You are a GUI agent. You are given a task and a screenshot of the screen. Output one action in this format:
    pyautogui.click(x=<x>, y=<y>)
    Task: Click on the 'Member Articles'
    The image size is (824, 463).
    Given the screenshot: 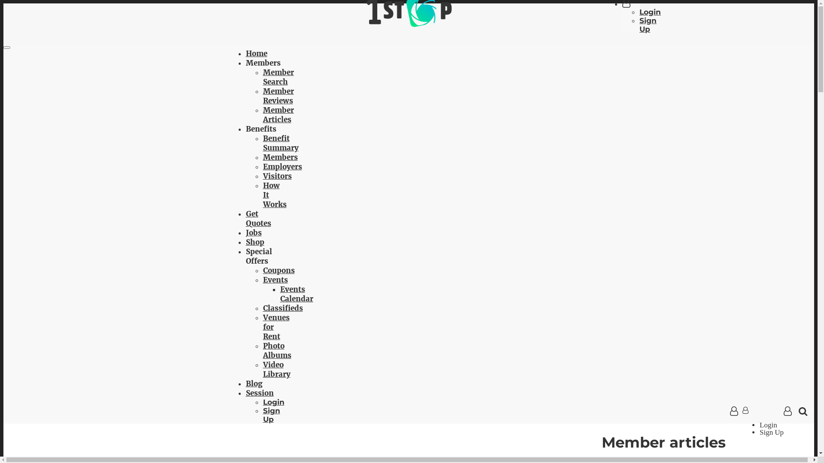 What is the action you would take?
    pyautogui.click(x=278, y=114)
    